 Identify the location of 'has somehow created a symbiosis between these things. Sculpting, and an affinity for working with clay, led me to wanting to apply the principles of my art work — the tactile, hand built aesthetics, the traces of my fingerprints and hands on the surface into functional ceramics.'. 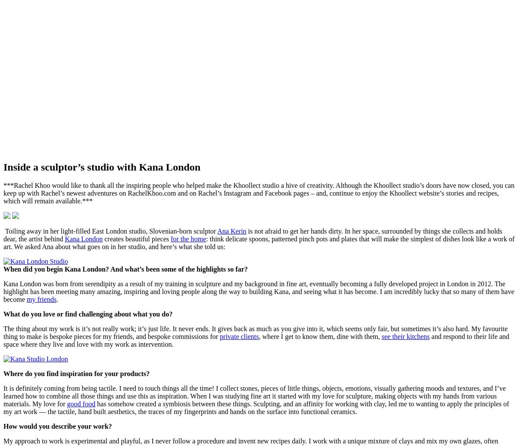
(256, 407).